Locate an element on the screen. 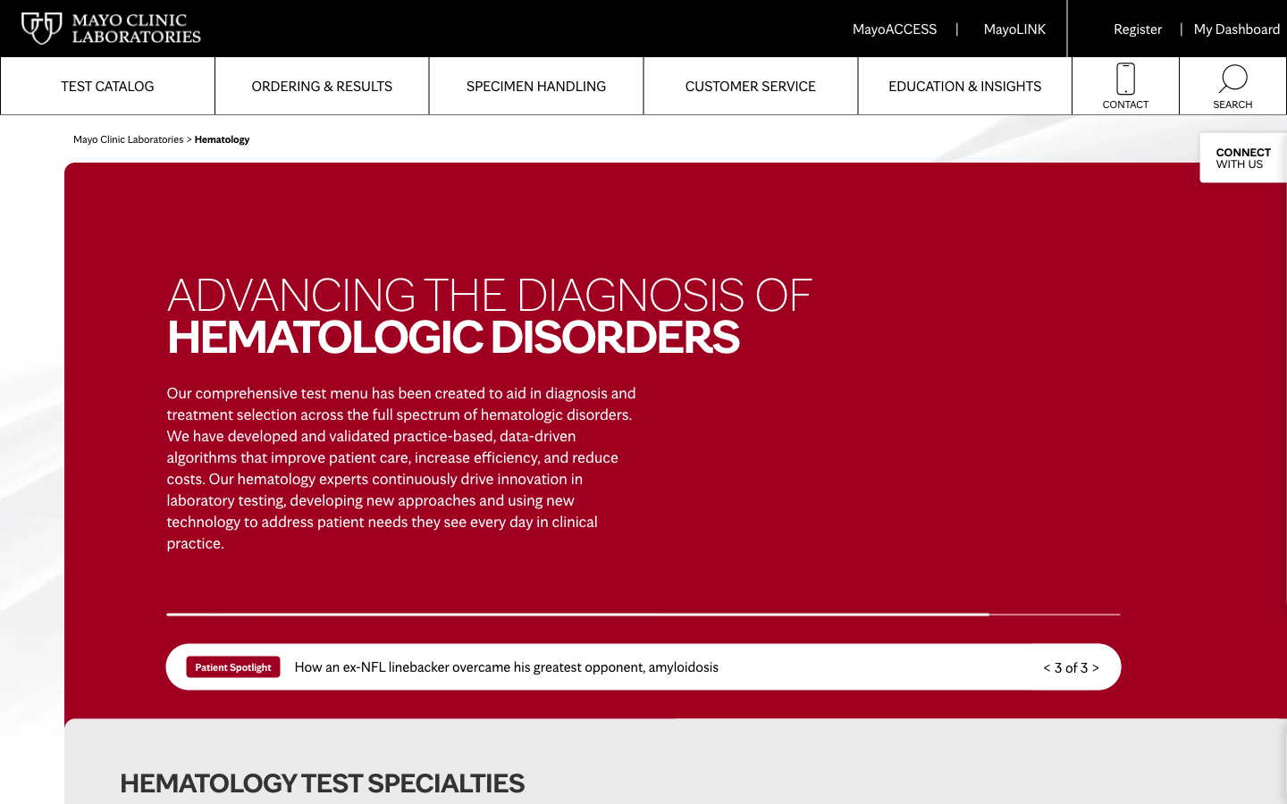  MayoLink webpage is located at coordinates (1014, 28).